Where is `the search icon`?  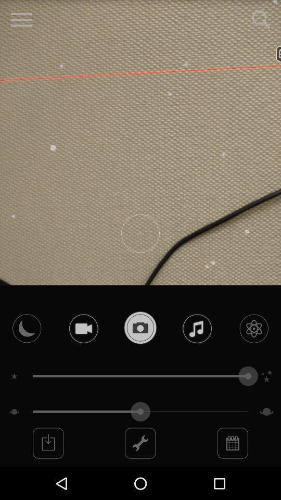
the search icon is located at coordinates (261, 20).